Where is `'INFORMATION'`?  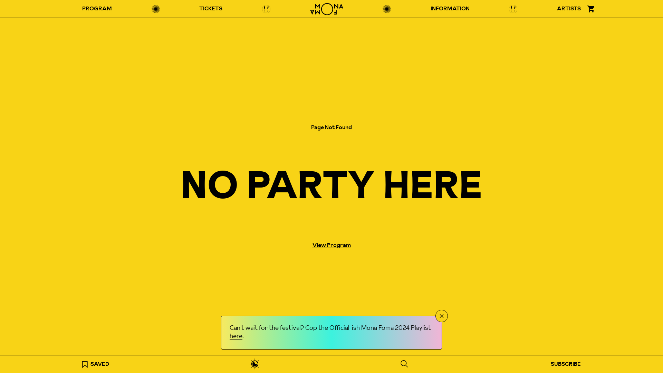
'INFORMATION' is located at coordinates (450, 9).